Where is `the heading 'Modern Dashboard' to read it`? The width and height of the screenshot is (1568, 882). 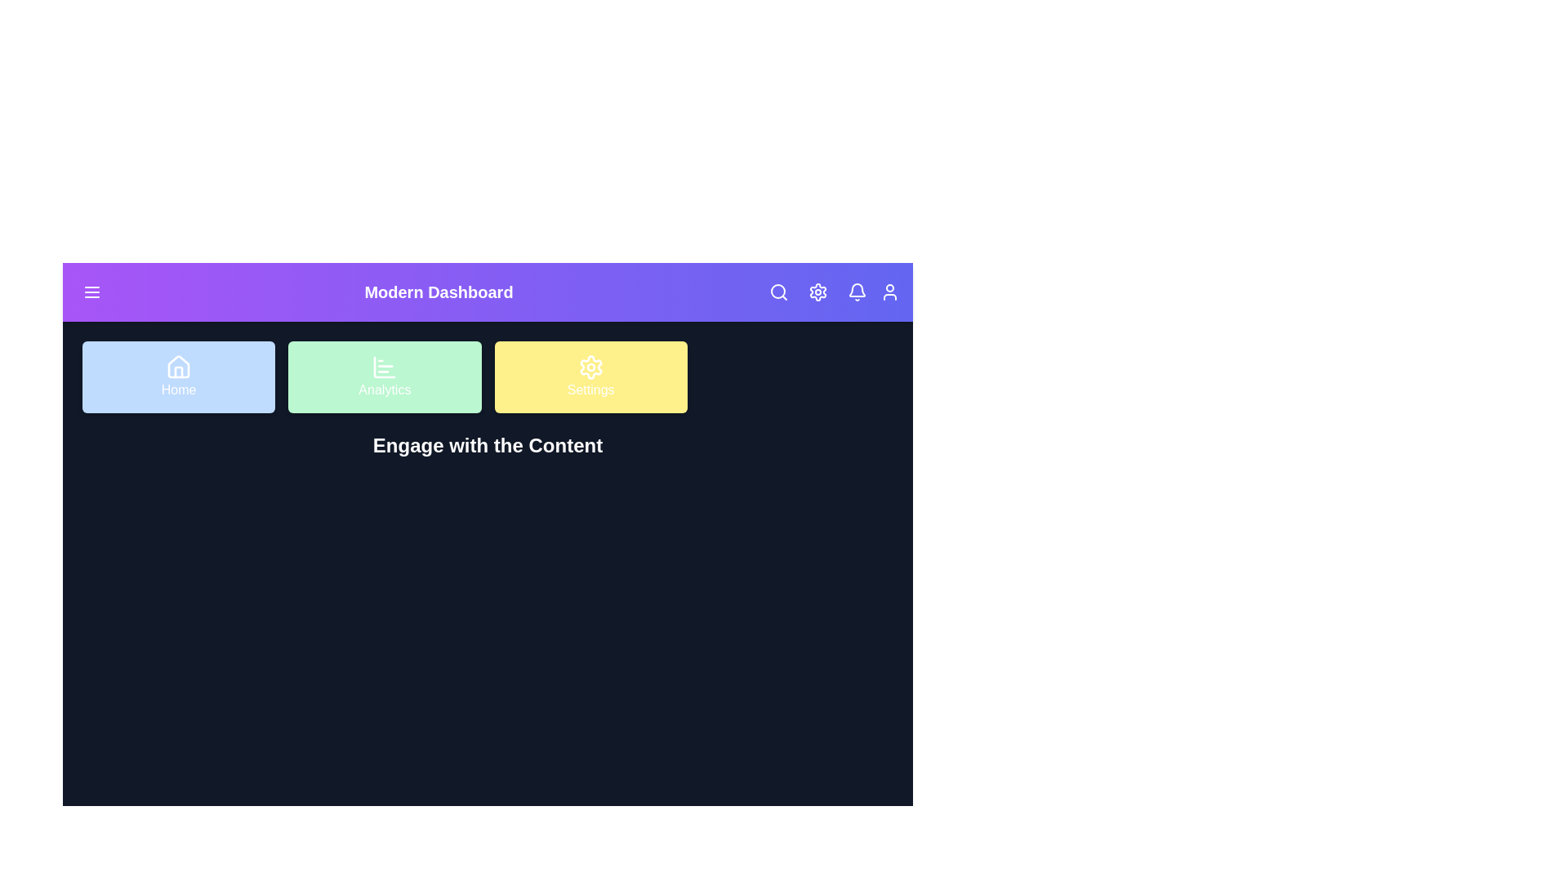
the heading 'Modern Dashboard' to read it is located at coordinates (439, 292).